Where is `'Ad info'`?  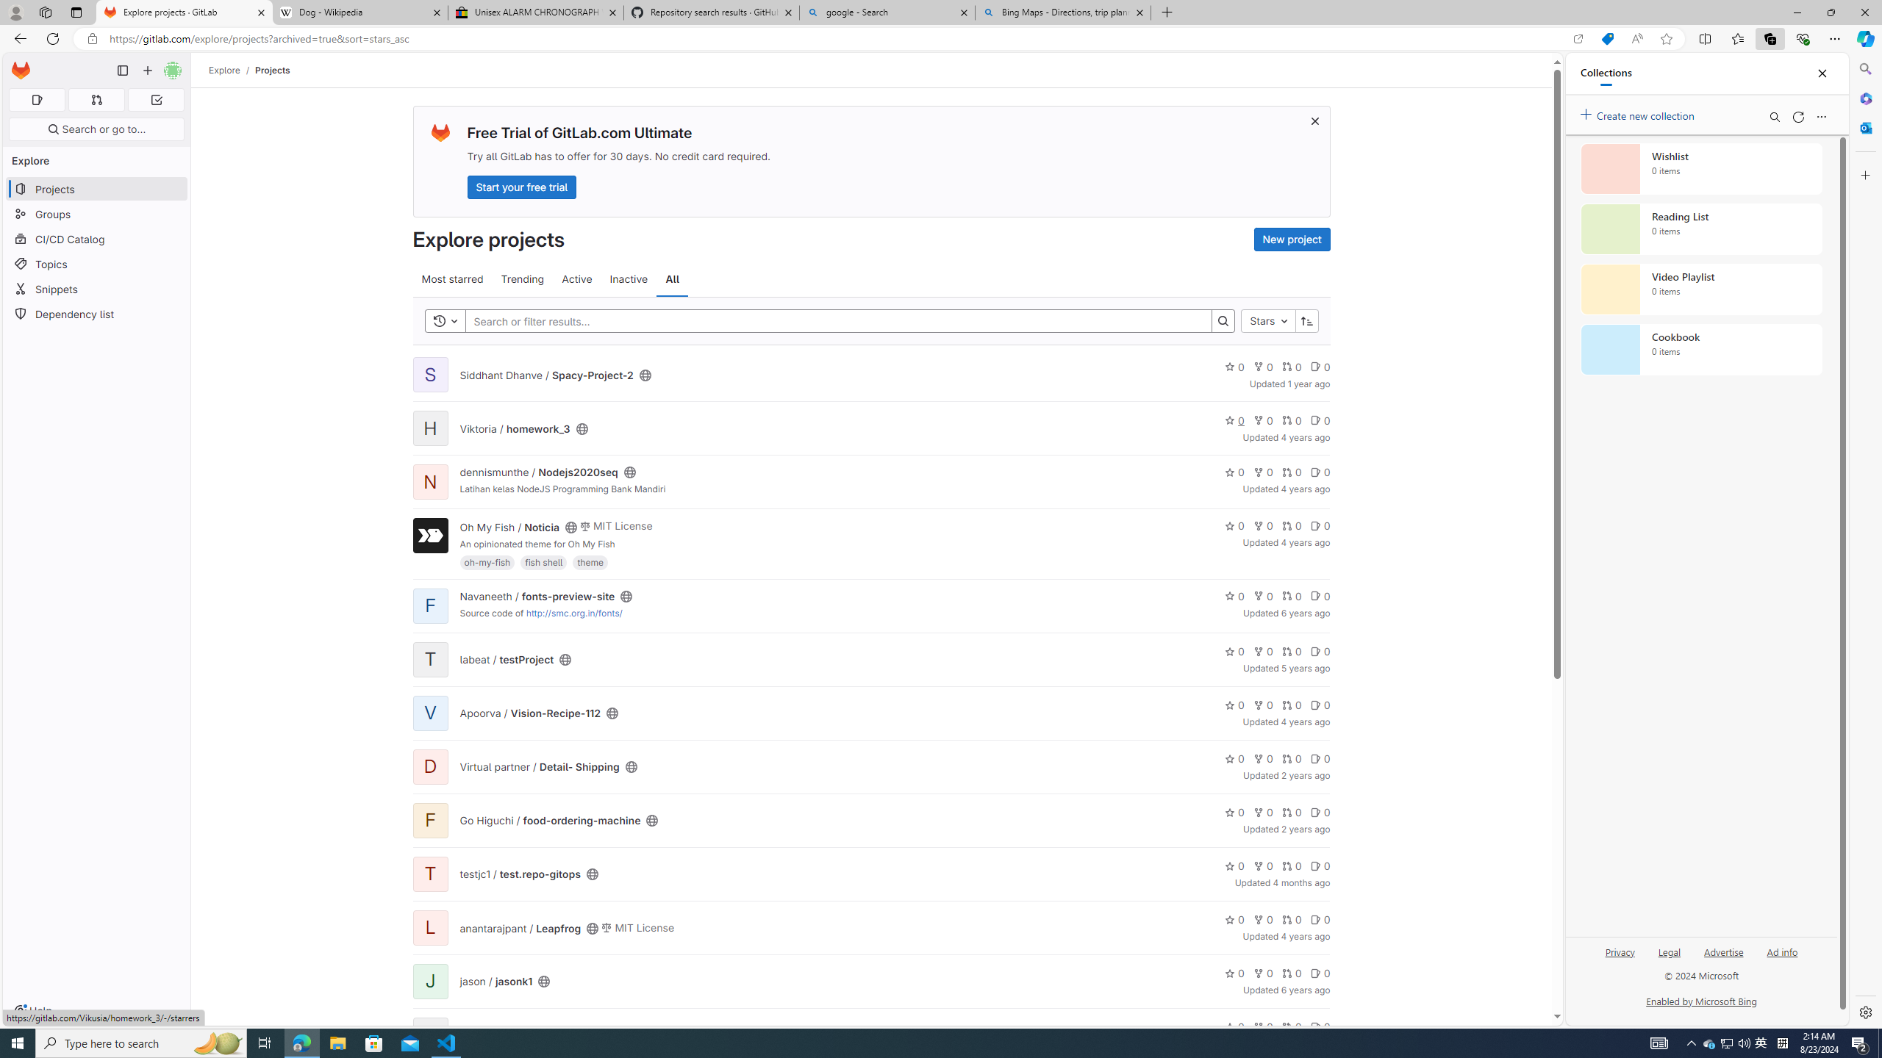
'Ad info' is located at coordinates (1782, 951).